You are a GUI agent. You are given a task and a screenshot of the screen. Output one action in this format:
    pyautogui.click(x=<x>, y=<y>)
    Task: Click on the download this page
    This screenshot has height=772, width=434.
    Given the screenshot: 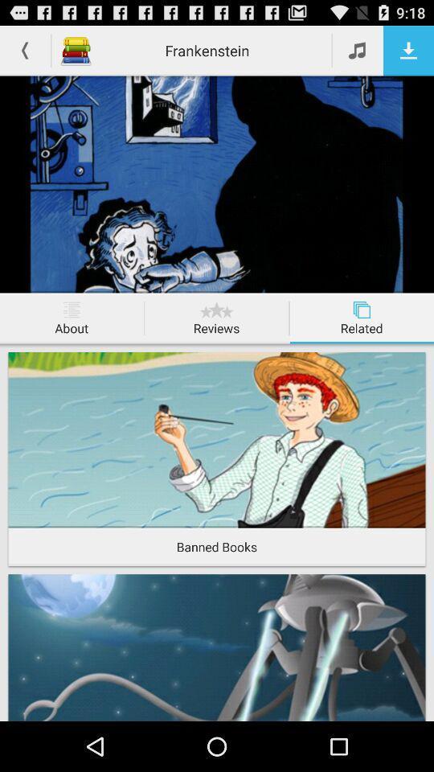 What is the action you would take?
    pyautogui.click(x=408, y=50)
    